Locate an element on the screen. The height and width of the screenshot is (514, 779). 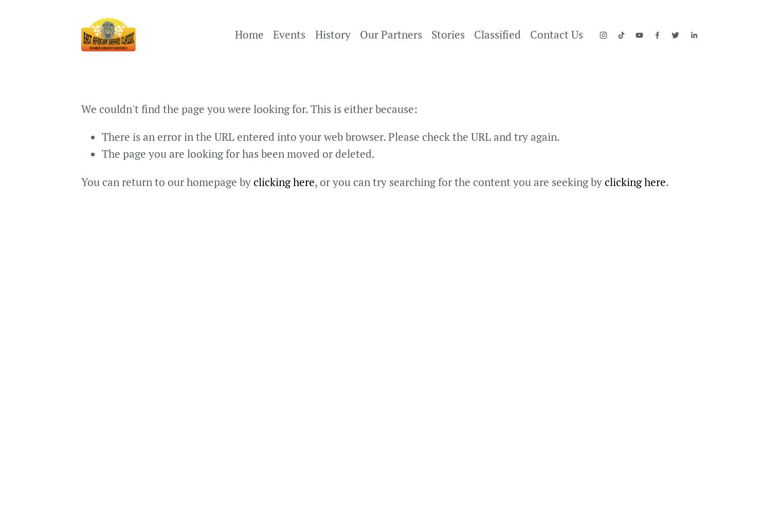
'Stories' is located at coordinates (448, 33).